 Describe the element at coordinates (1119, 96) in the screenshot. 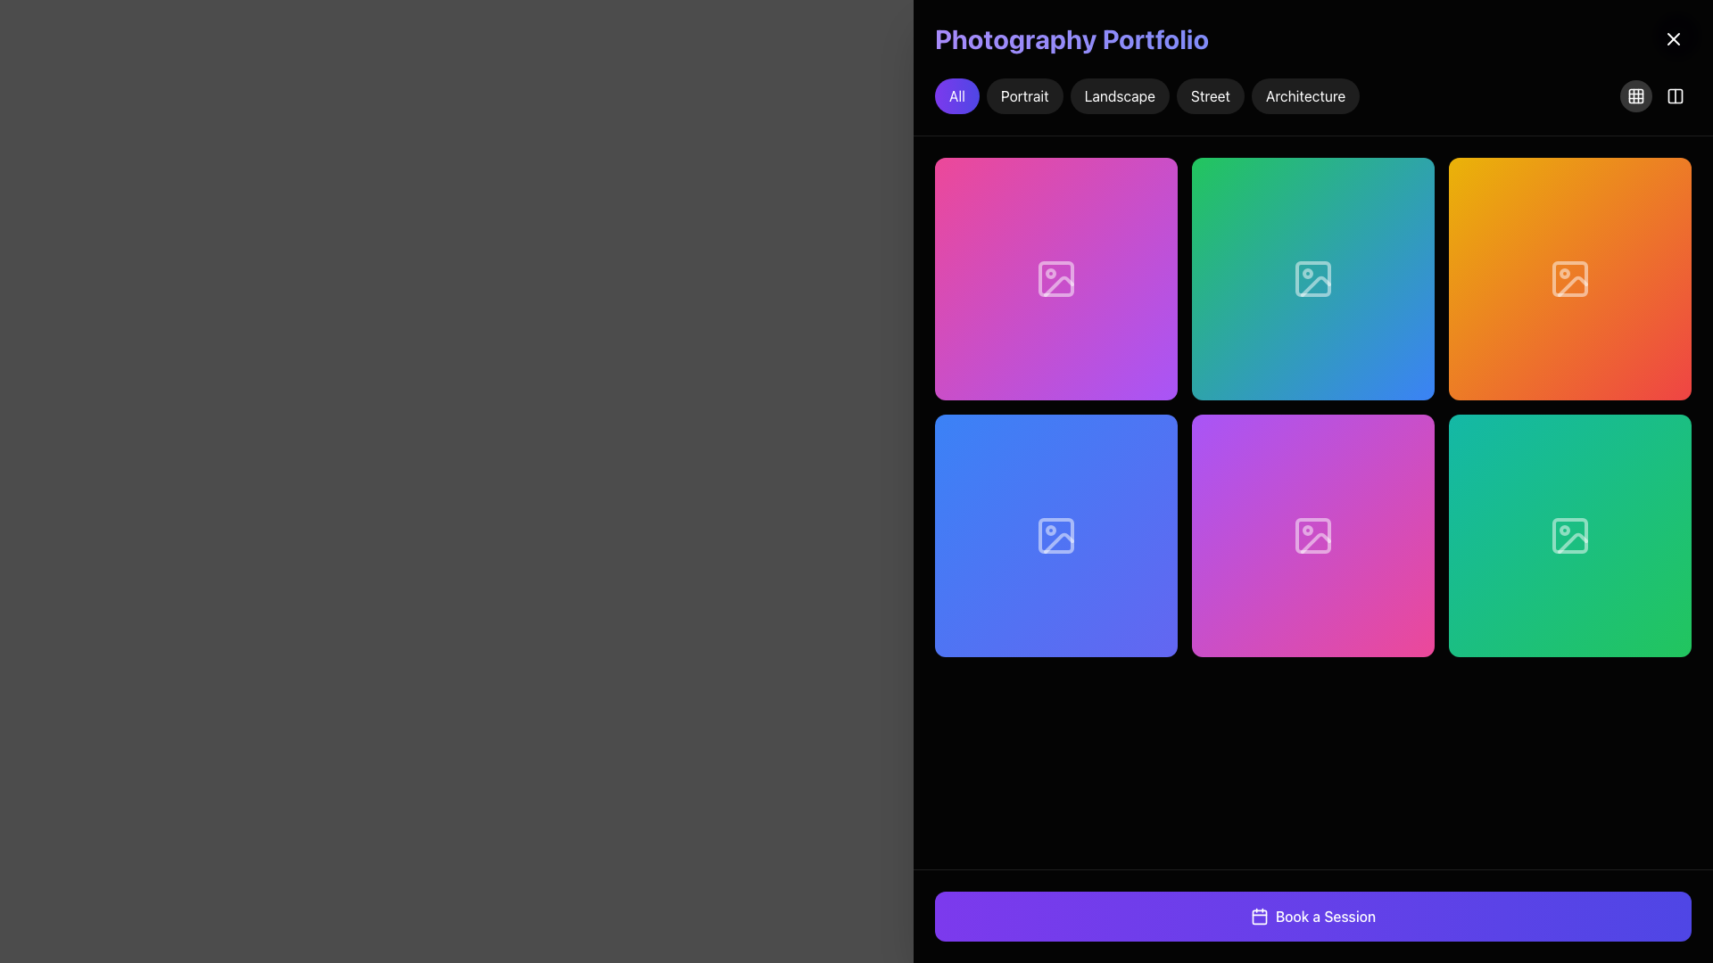

I see `the 'Landscape' filter button, which is the third button in a group of five, located below the title 'Photography Portfolio'` at that location.